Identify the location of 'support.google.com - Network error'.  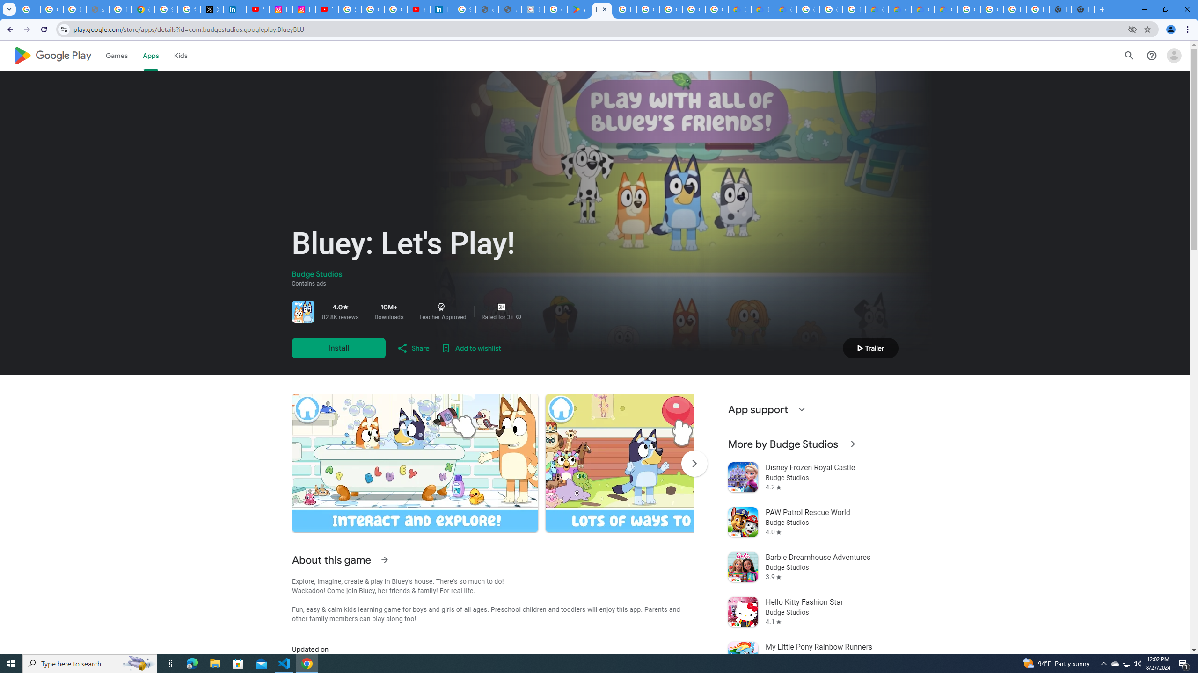
(97, 9).